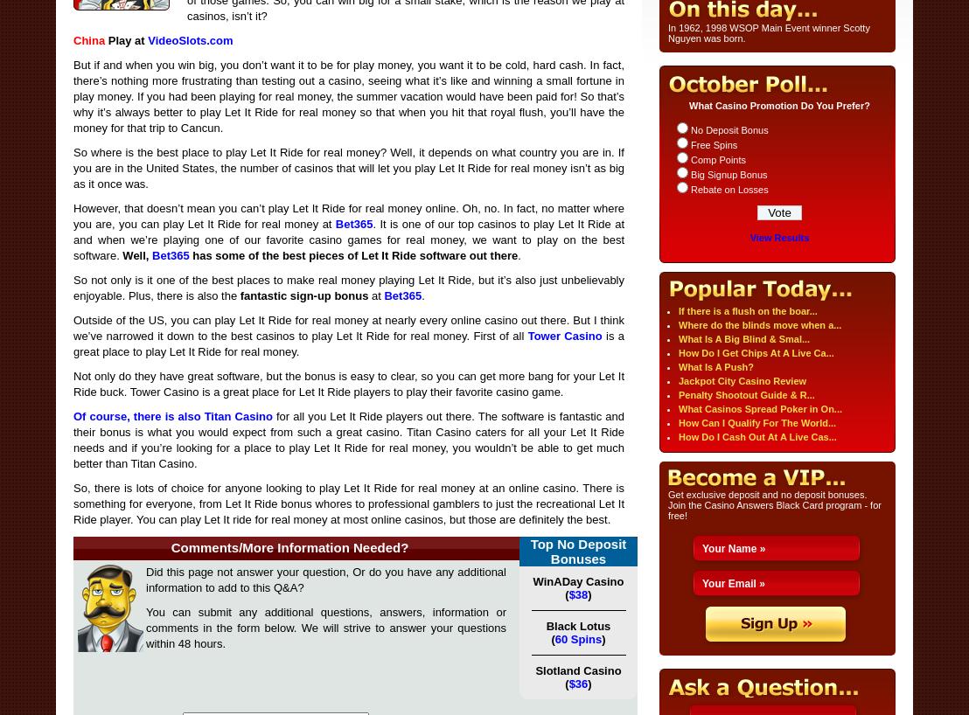 This screenshot has height=715, width=969. I want to click on 'China', so click(89, 39).